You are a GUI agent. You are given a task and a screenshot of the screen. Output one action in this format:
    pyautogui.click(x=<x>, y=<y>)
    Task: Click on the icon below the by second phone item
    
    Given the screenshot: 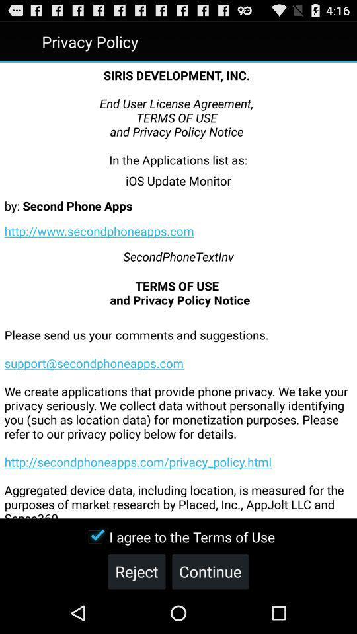 What is the action you would take?
    pyautogui.click(x=99, y=230)
    